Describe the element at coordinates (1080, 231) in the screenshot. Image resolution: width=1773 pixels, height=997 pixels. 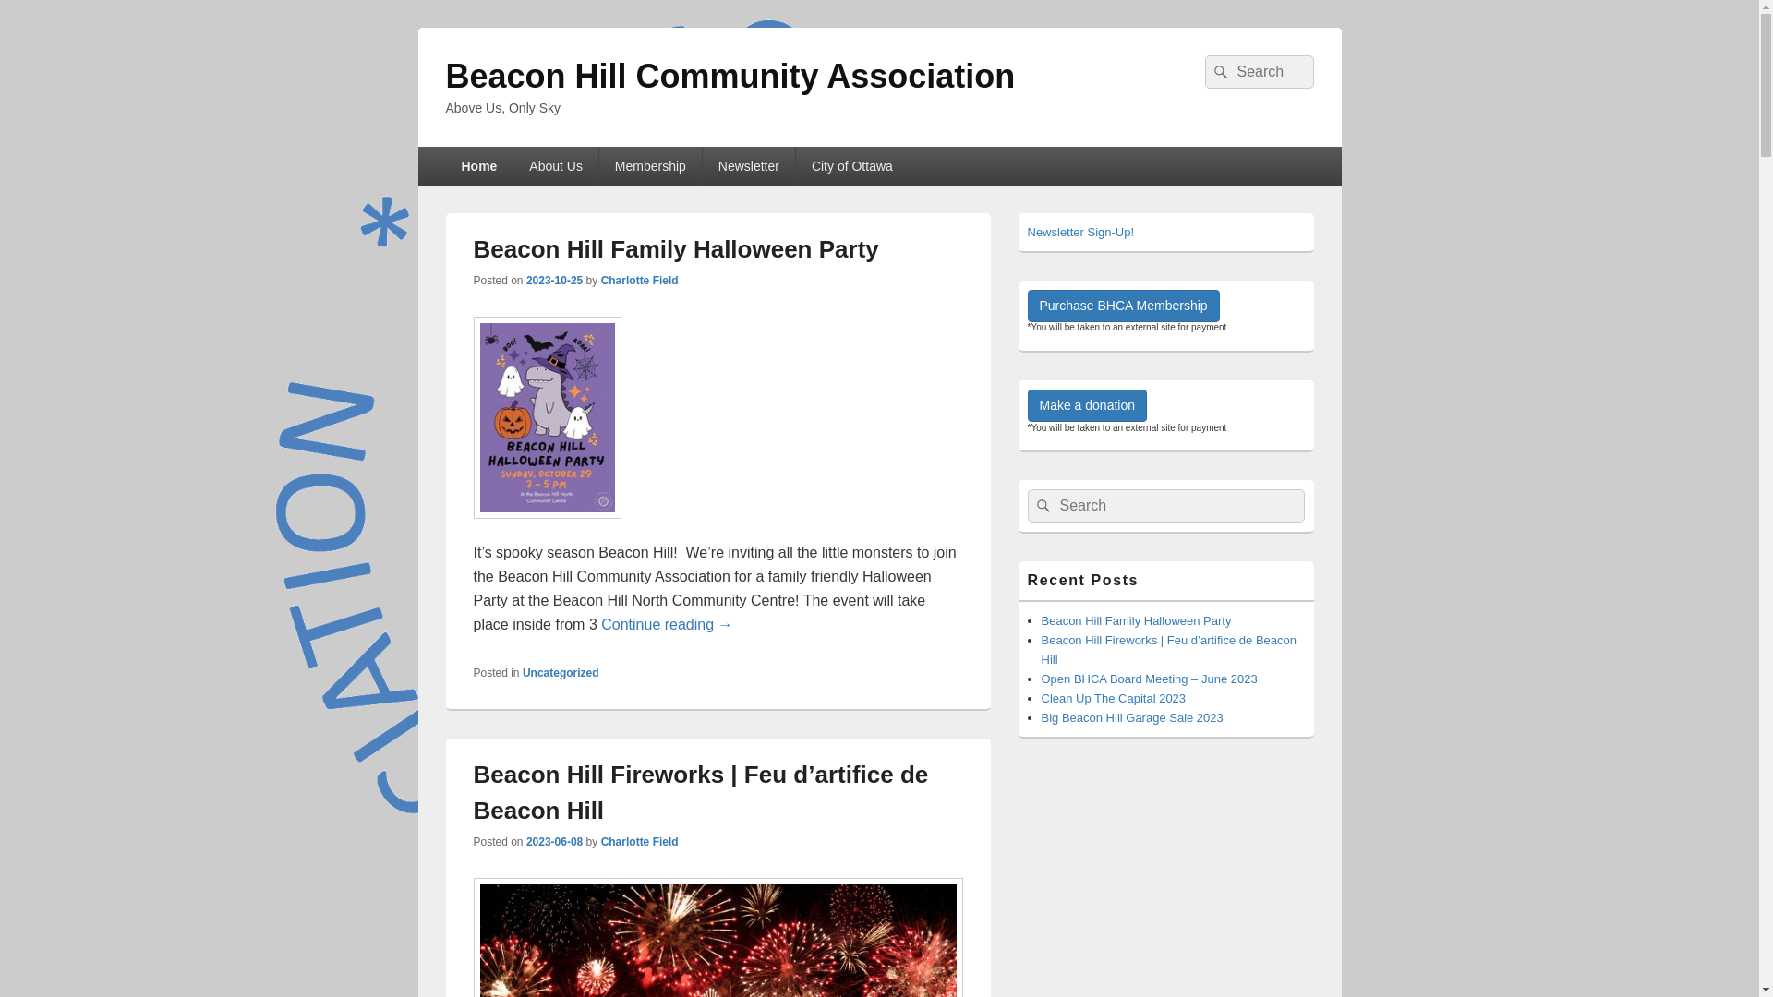
I see `'Newsletter Sign-Up!'` at that location.